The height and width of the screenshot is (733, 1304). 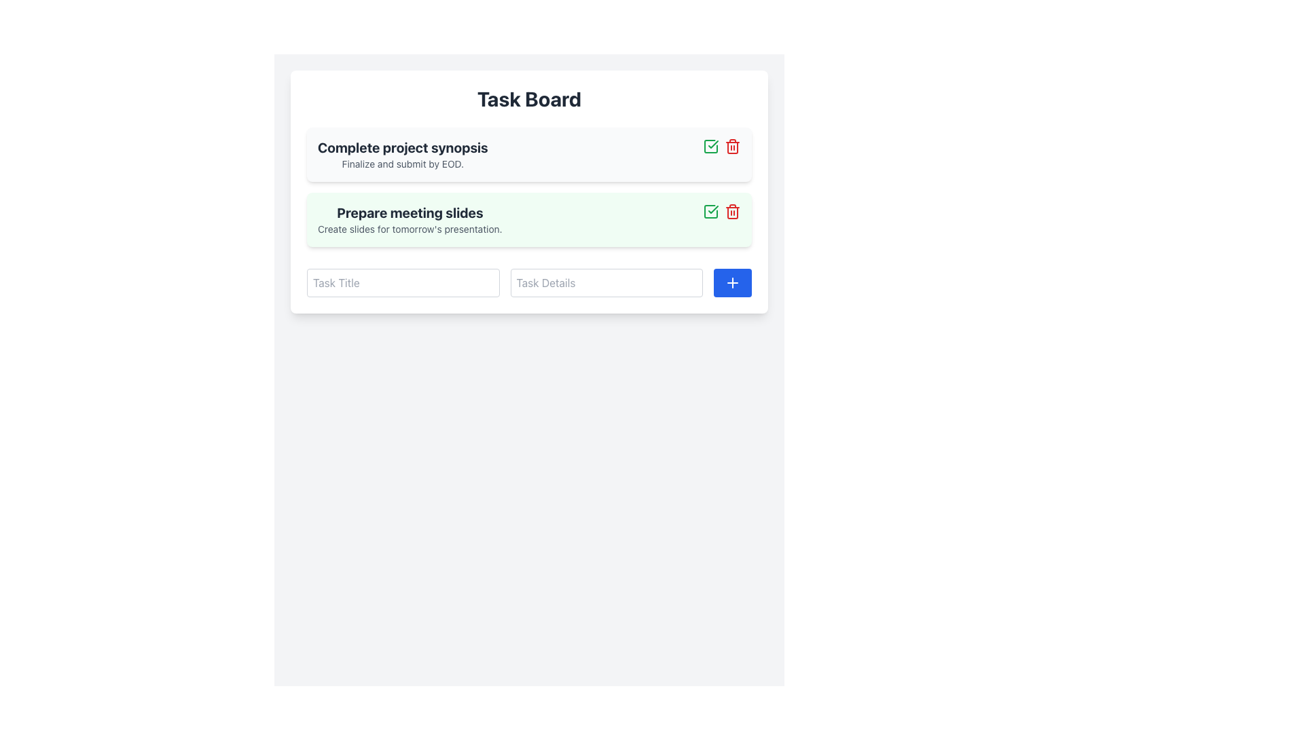 I want to click on subtitle of the text label that states 'Create slides for tomorrow's presentation.' located within the green-shaded task card titled 'Prepare meeting slides.', so click(x=409, y=219).